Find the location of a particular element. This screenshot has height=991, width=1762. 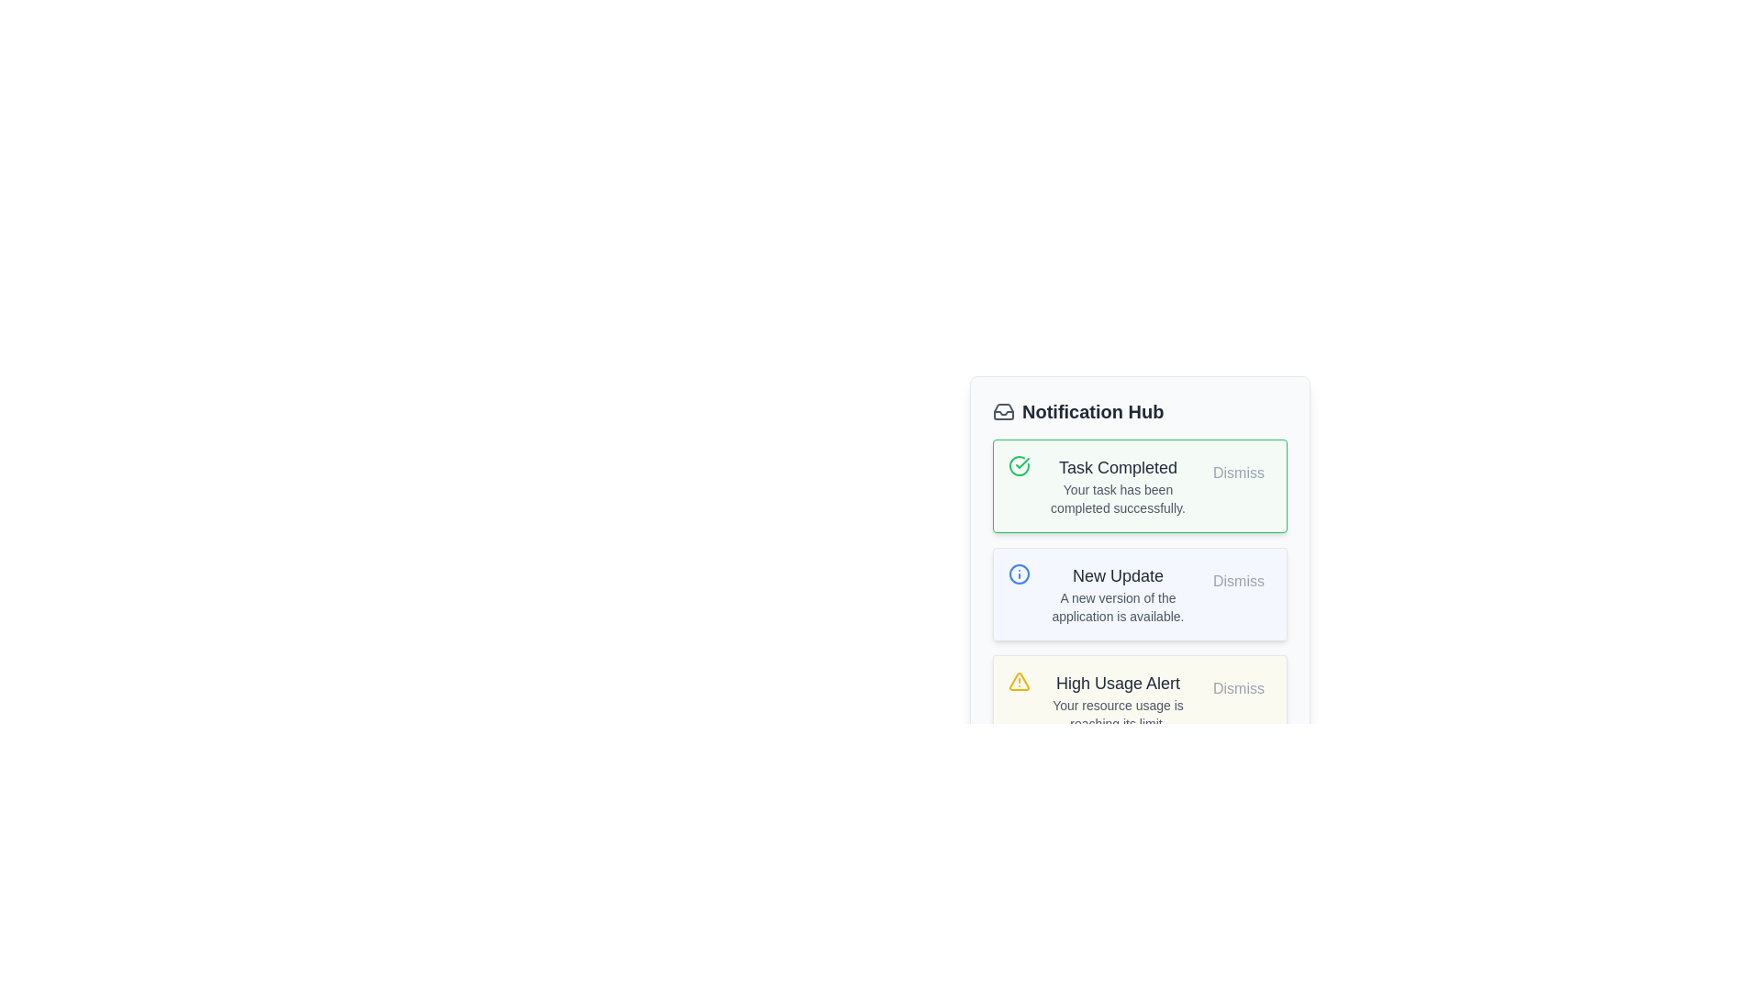

the inbox tray icon located in the Notification Hub header at the top right of the notification panel is located at coordinates (1003, 413).